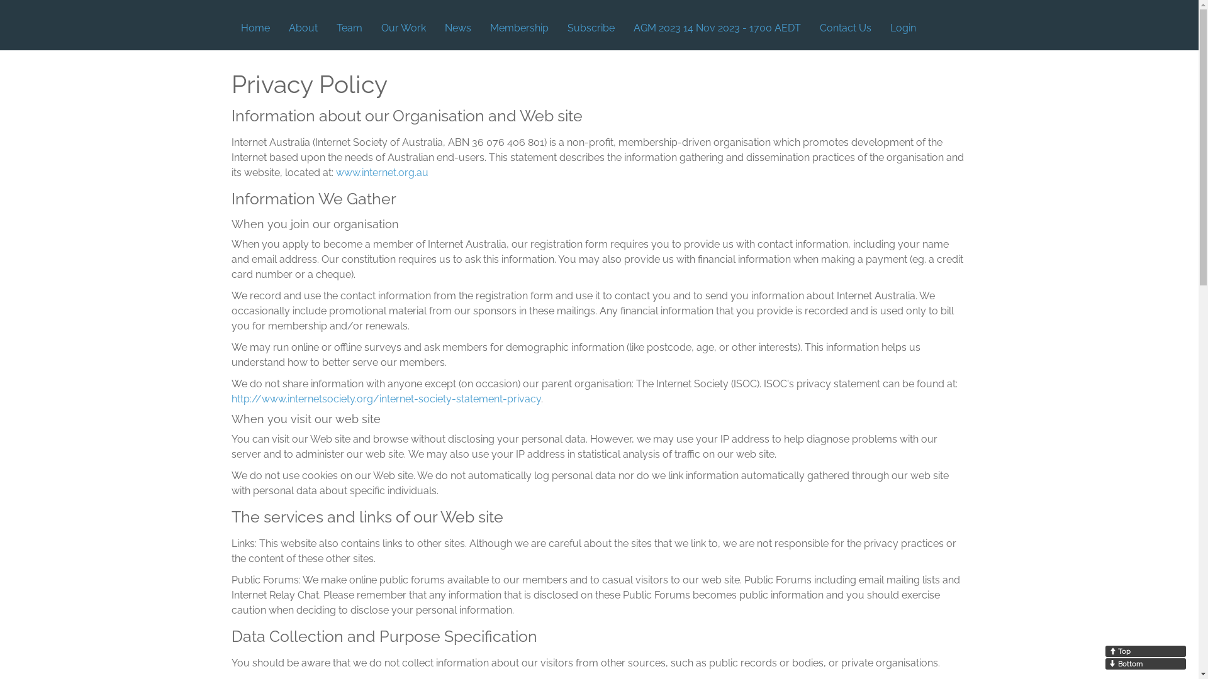 This screenshot has height=679, width=1208. Describe the element at coordinates (717, 28) in the screenshot. I see `'AGM 2023 14 Nov 2023 - 1700 AEDT'` at that location.